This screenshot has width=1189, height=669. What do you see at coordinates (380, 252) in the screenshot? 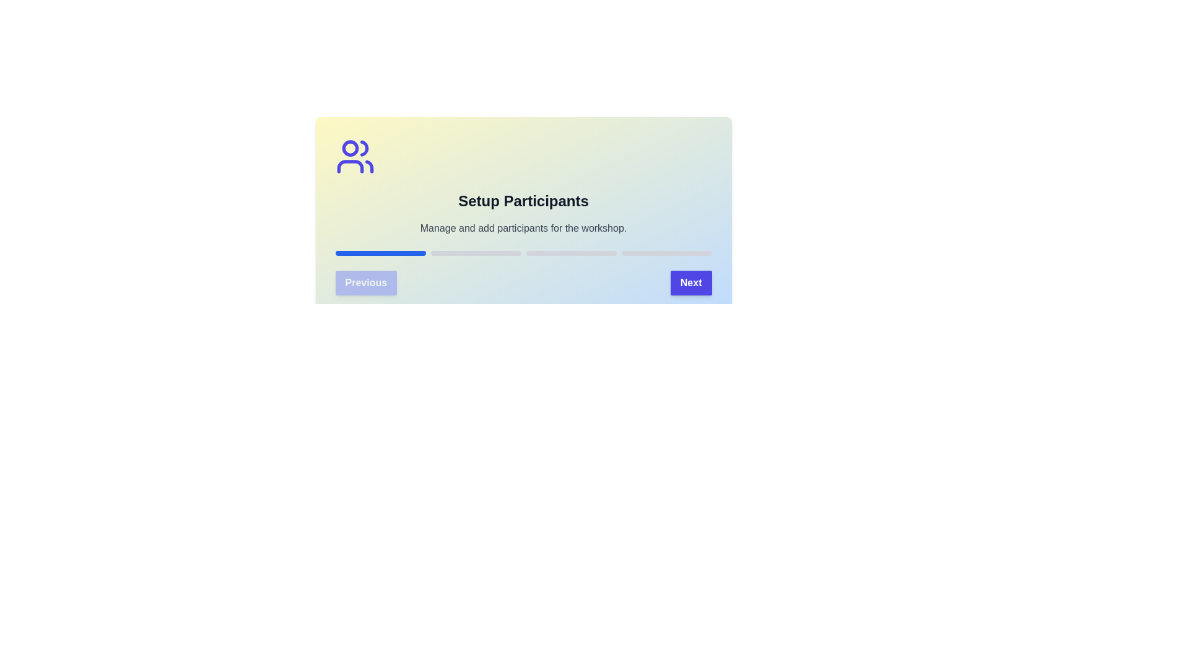
I see `the progress bar segment corresponding to stage 1` at bounding box center [380, 252].